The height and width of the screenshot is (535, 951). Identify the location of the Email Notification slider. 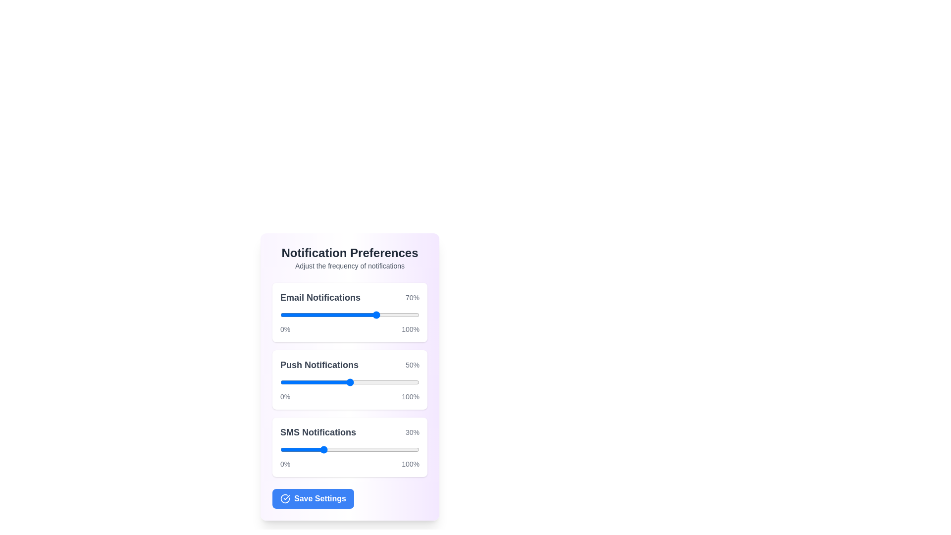
(281, 315).